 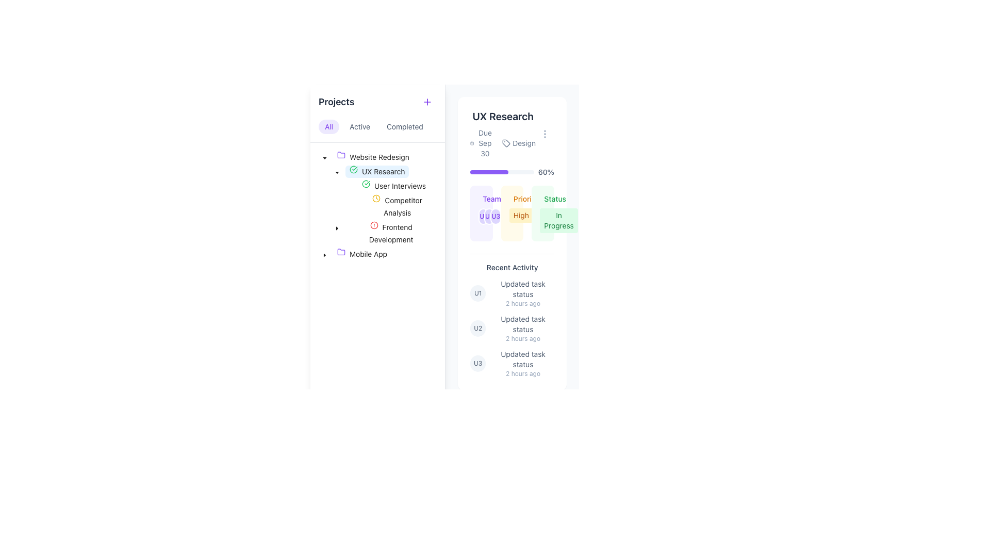 I want to click on details of the highlighted recent activity entry with identifier 'U2', which states 'Updated task status' and has a timestamp of '2 hours ago', so click(x=512, y=328).